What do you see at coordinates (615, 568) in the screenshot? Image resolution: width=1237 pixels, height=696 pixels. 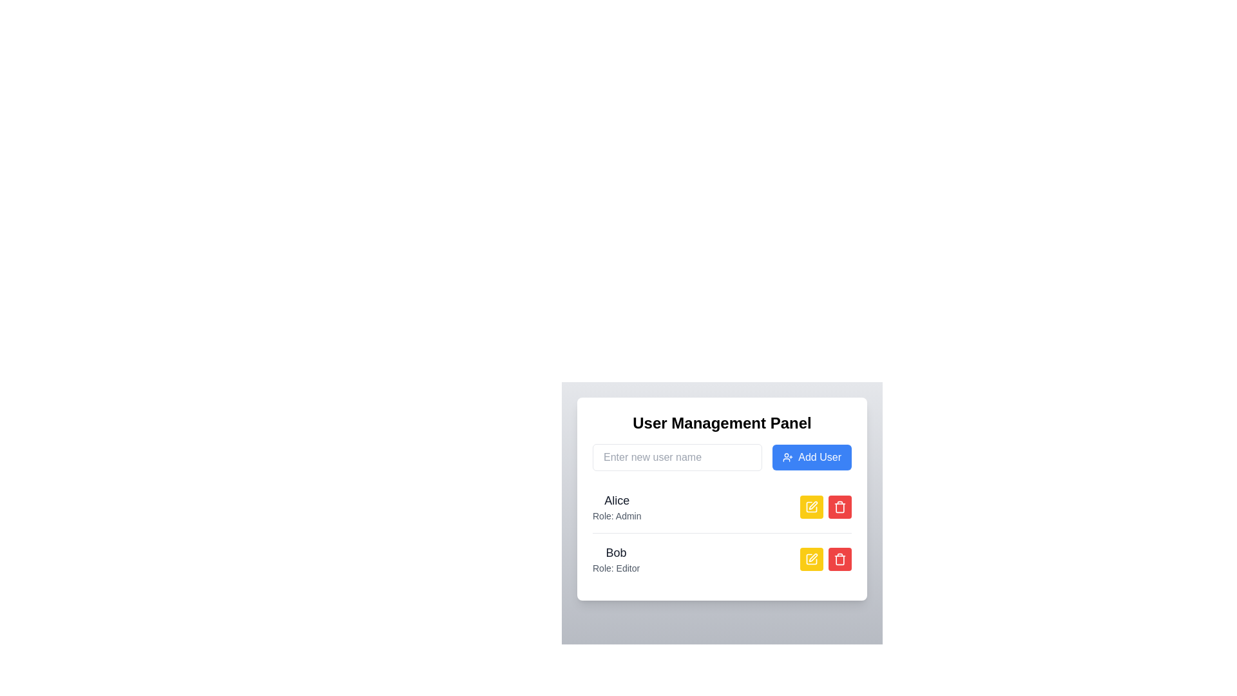 I see `the static text label displaying 'Role: Editor' located under the username 'Bob' in the user listing` at bounding box center [615, 568].